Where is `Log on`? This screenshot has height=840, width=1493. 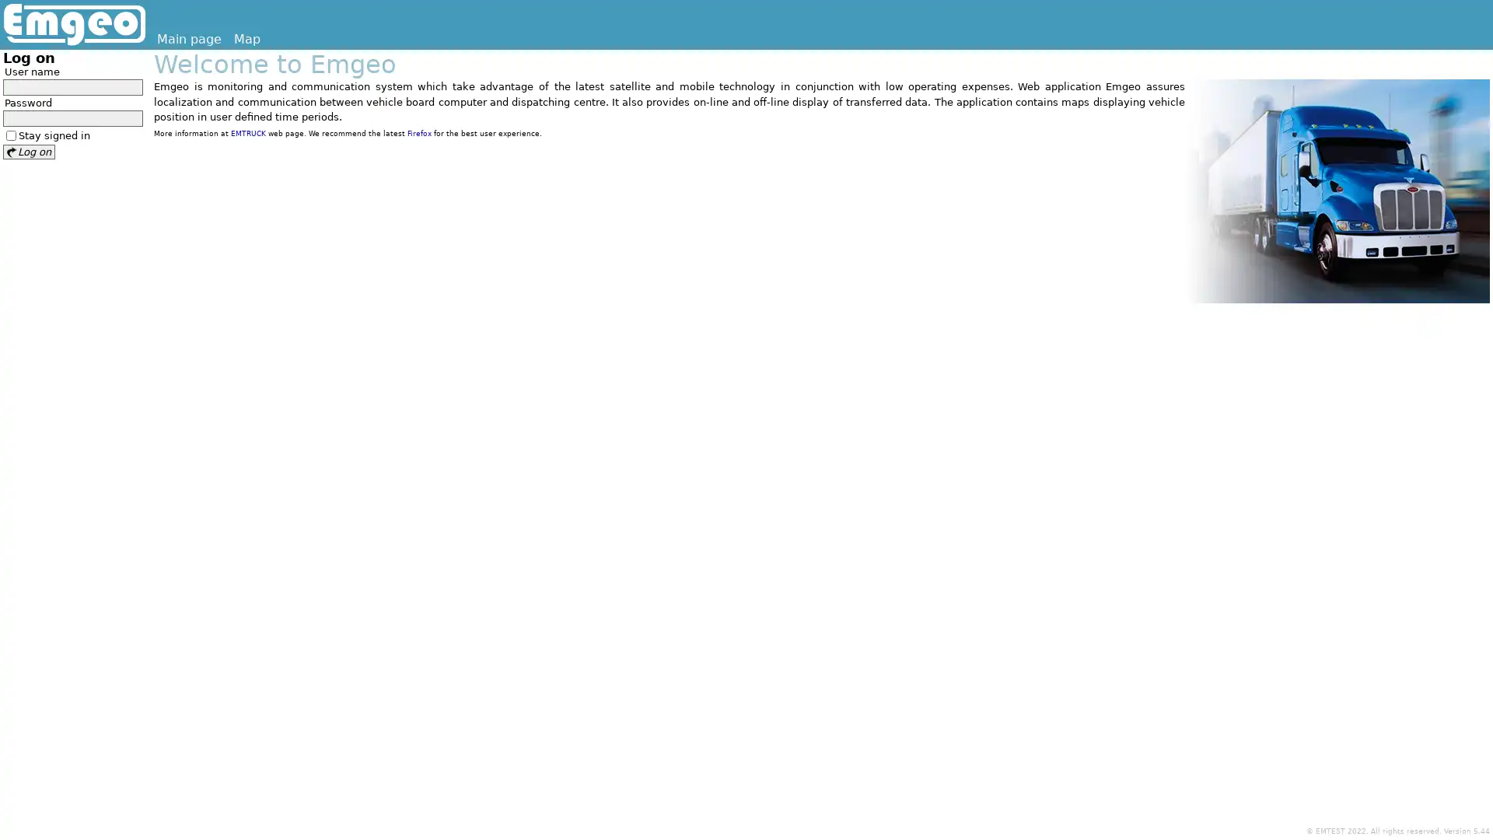 Log on is located at coordinates (29, 152).